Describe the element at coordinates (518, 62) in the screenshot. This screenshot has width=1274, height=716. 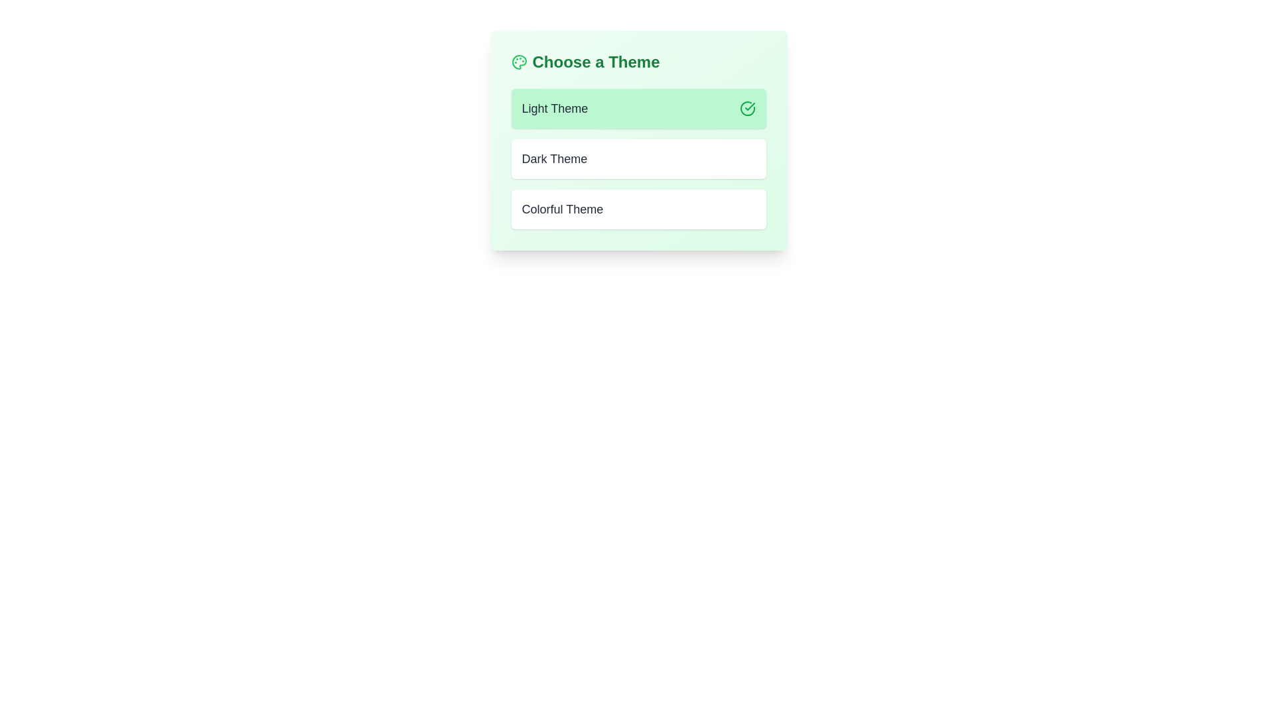
I see `the green palette icon located in the upper-left corner of the interface, inside the header section labeled 'Choose a Theme'` at that location.